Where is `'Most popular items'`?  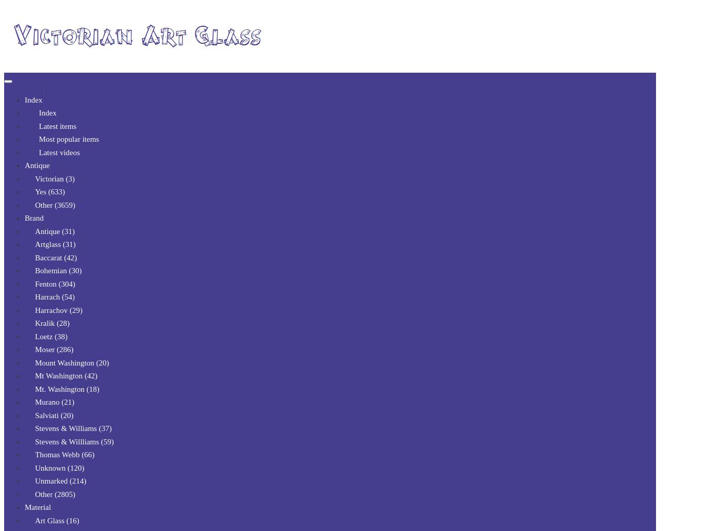
'Most popular items' is located at coordinates (67, 138).